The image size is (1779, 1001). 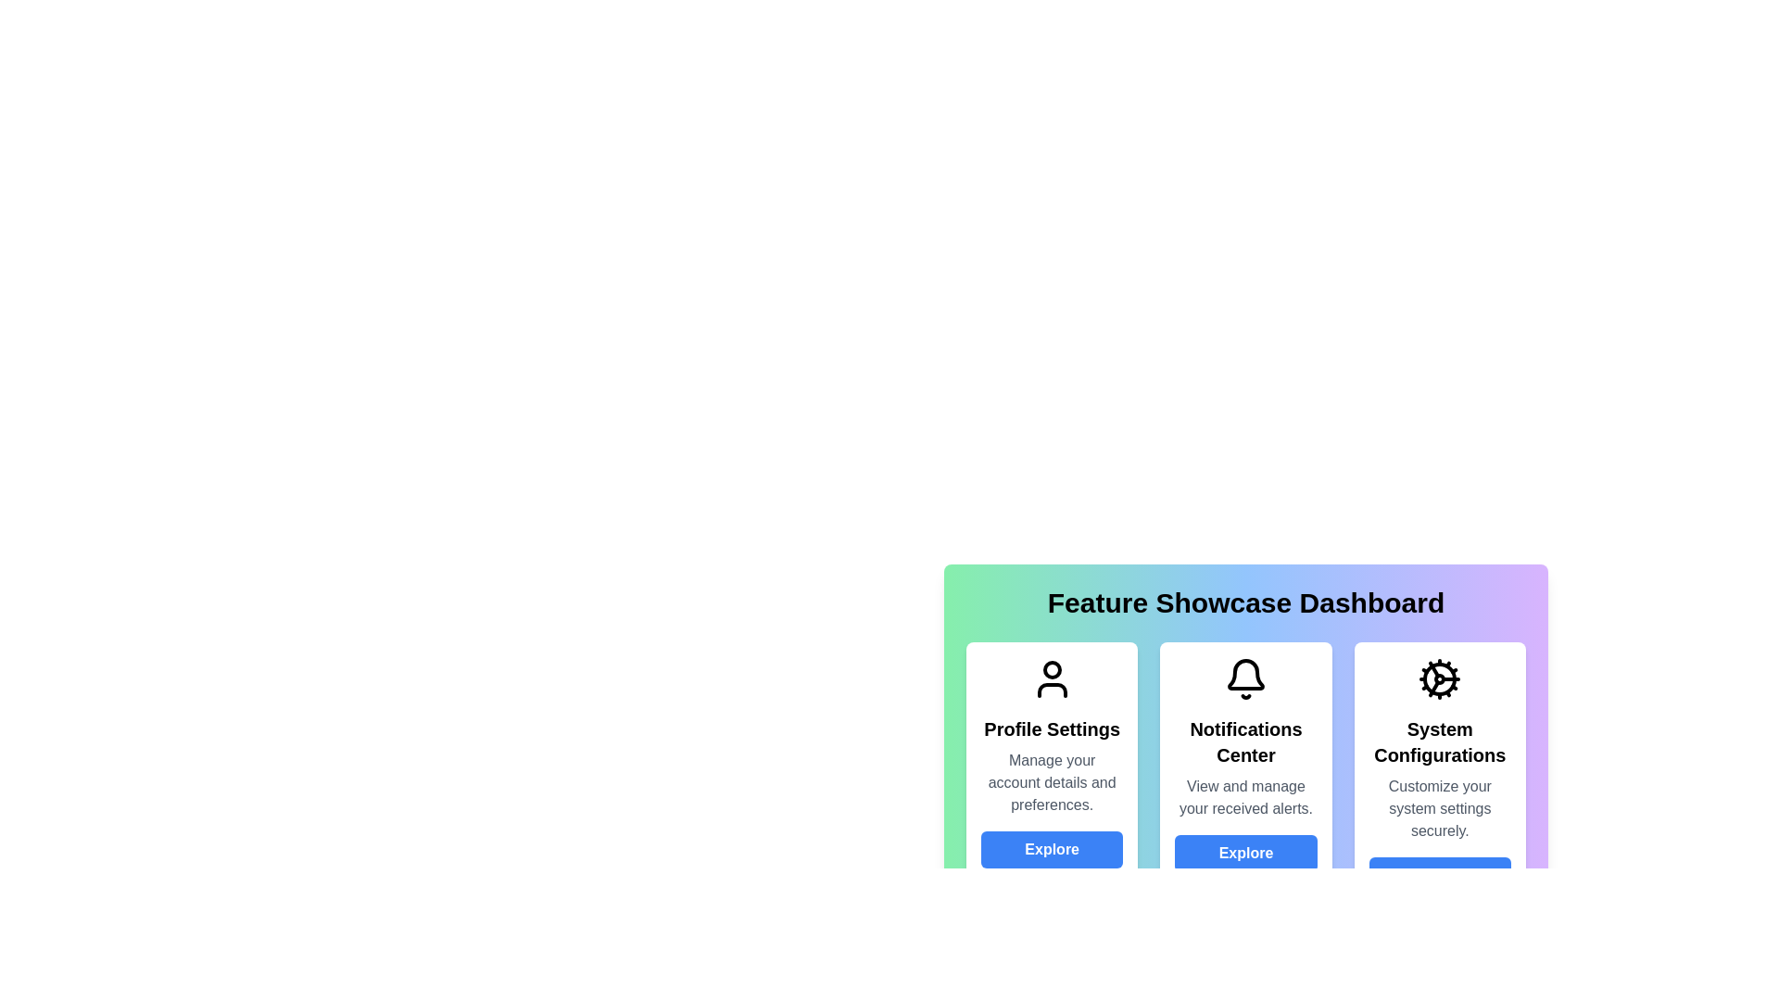 I want to click on text label that says 'Notifications Center', which is styled with a larger font size and bold weight, and is positioned centrally below a bell icon, so click(x=1245, y=741).